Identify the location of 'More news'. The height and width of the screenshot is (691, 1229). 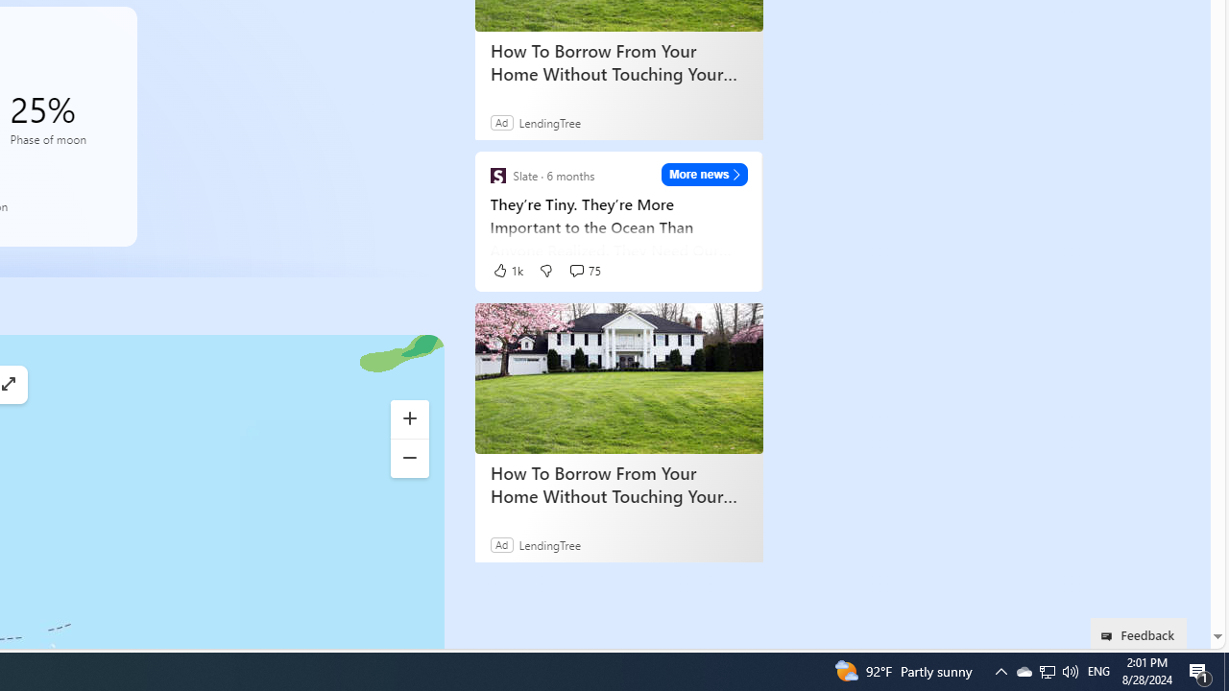
(704, 174).